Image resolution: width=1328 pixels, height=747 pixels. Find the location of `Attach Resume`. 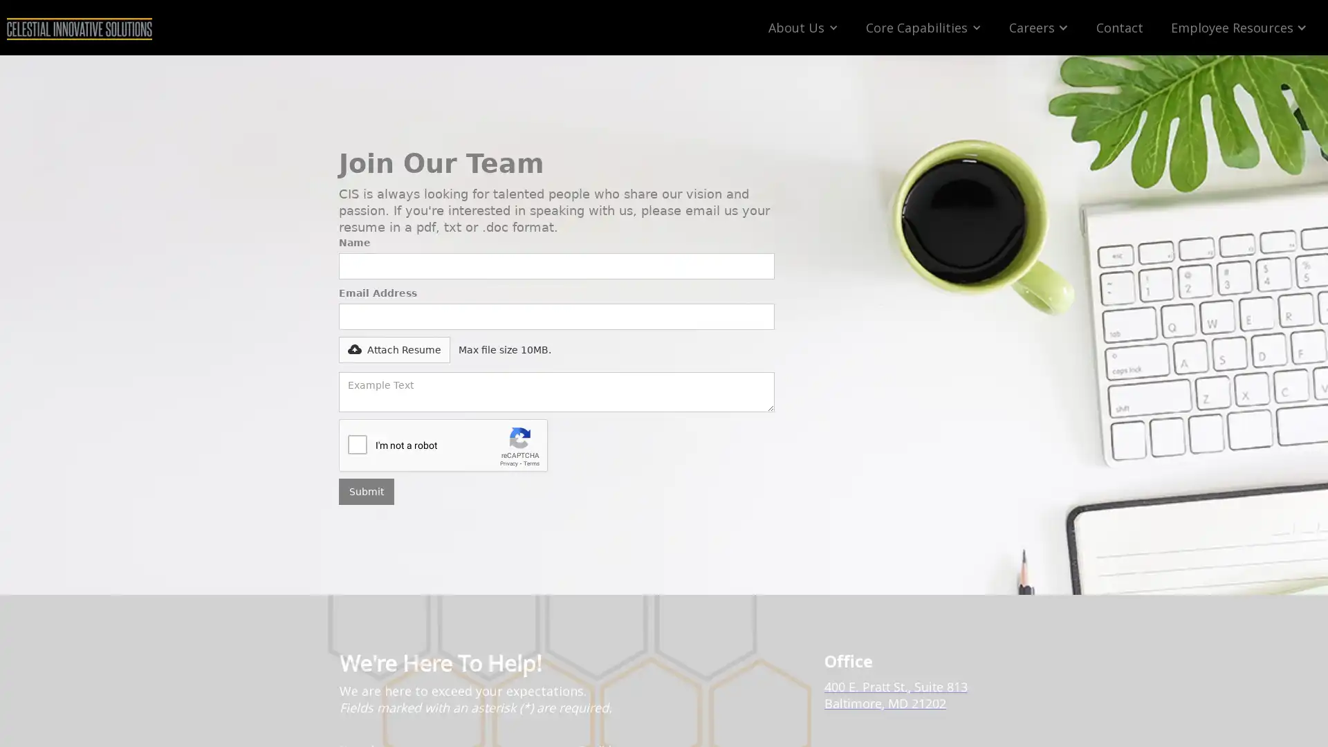

Attach Resume is located at coordinates (339, 349).